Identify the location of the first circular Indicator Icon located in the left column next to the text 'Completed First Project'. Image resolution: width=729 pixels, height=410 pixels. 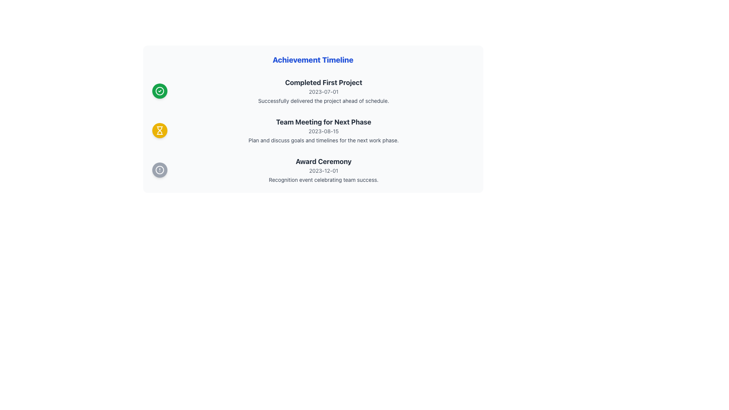
(159, 90).